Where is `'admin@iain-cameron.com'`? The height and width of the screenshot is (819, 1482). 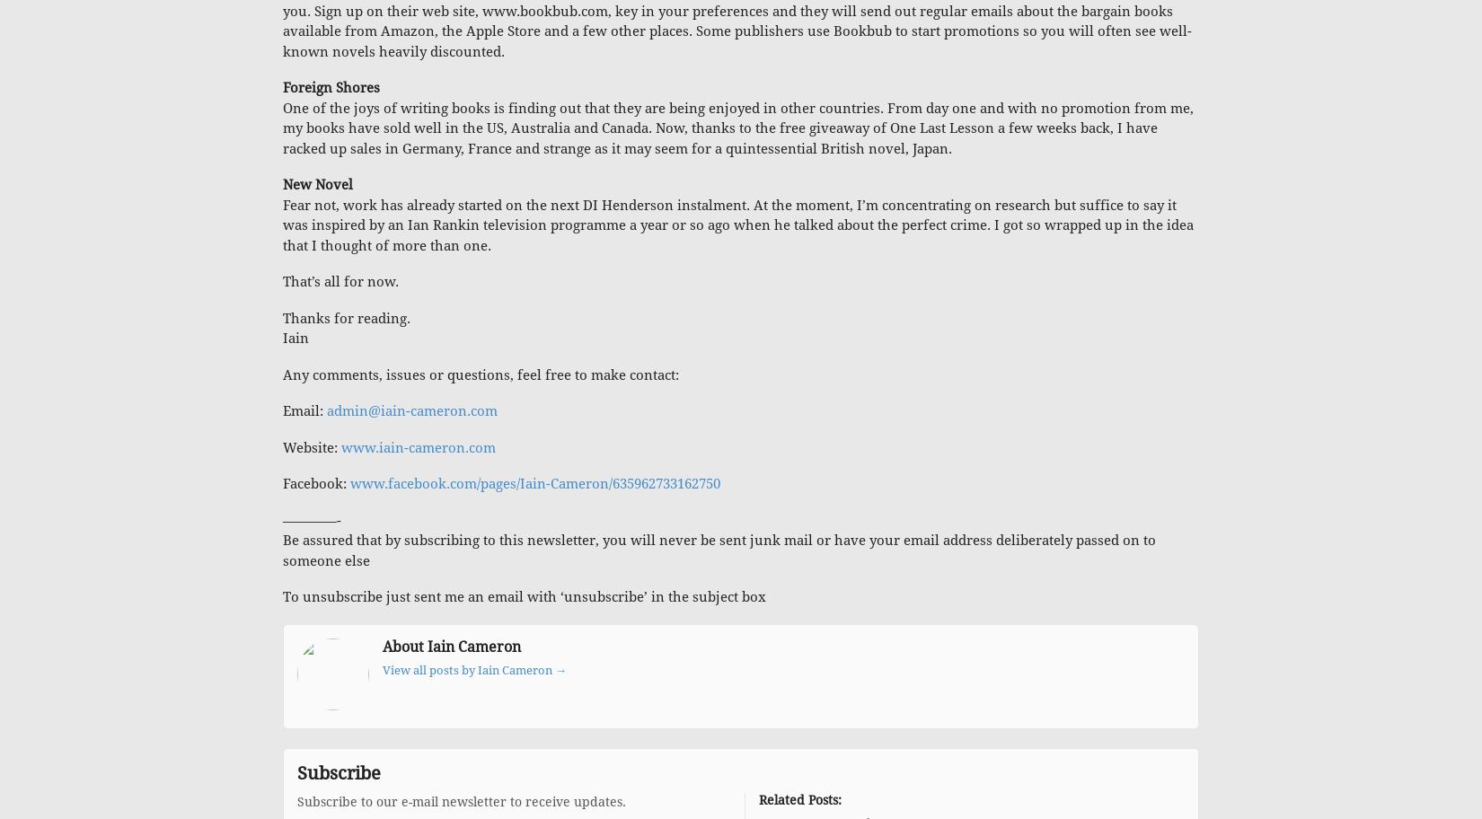 'admin@iain-cameron.com' is located at coordinates (411, 411).